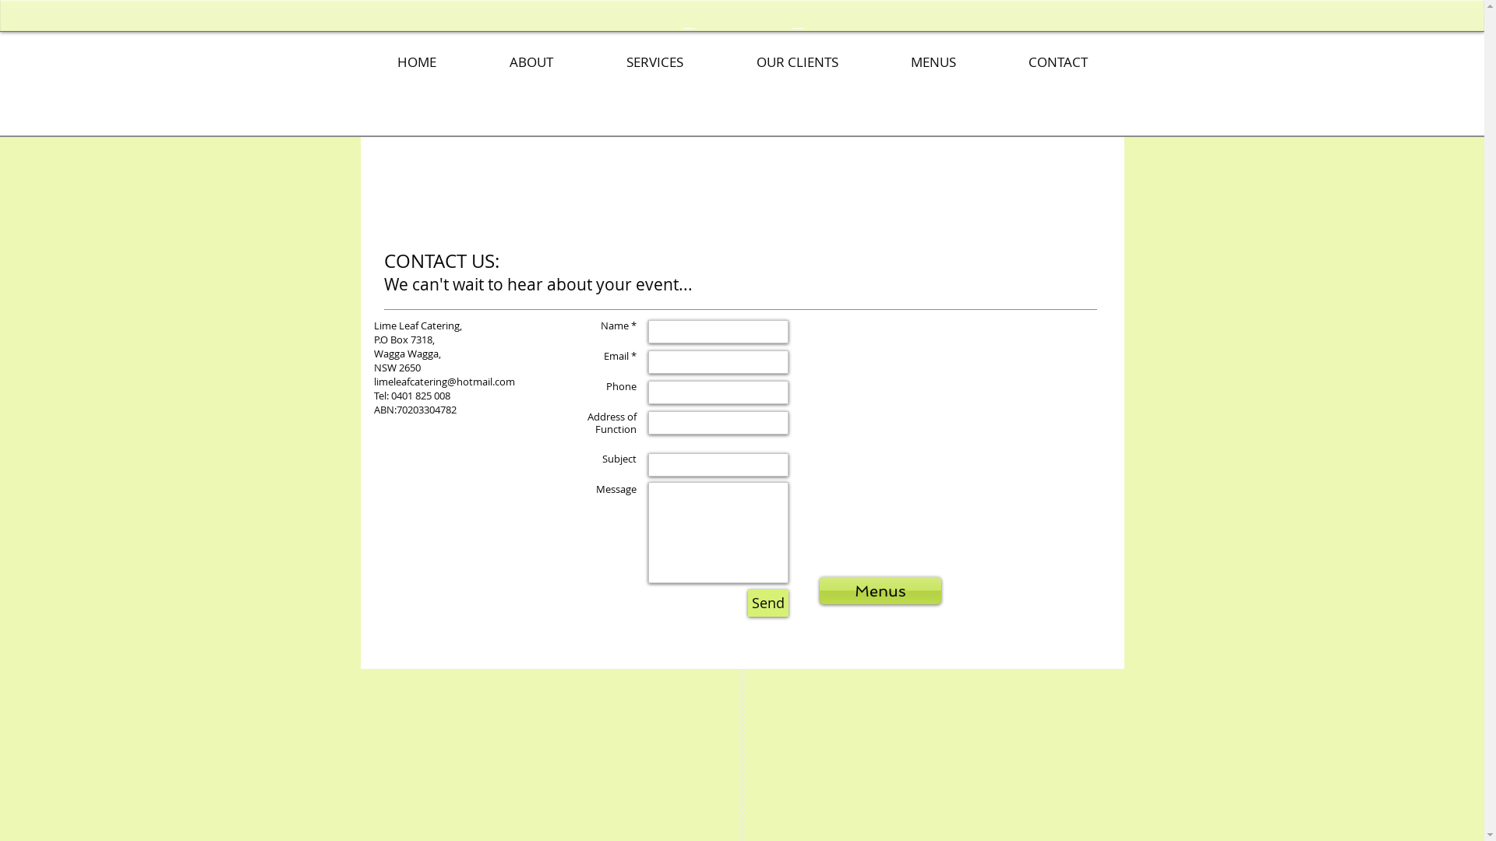  Describe the element at coordinates (654, 62) in the screenshot. I see `'SERVICES'` at that location.